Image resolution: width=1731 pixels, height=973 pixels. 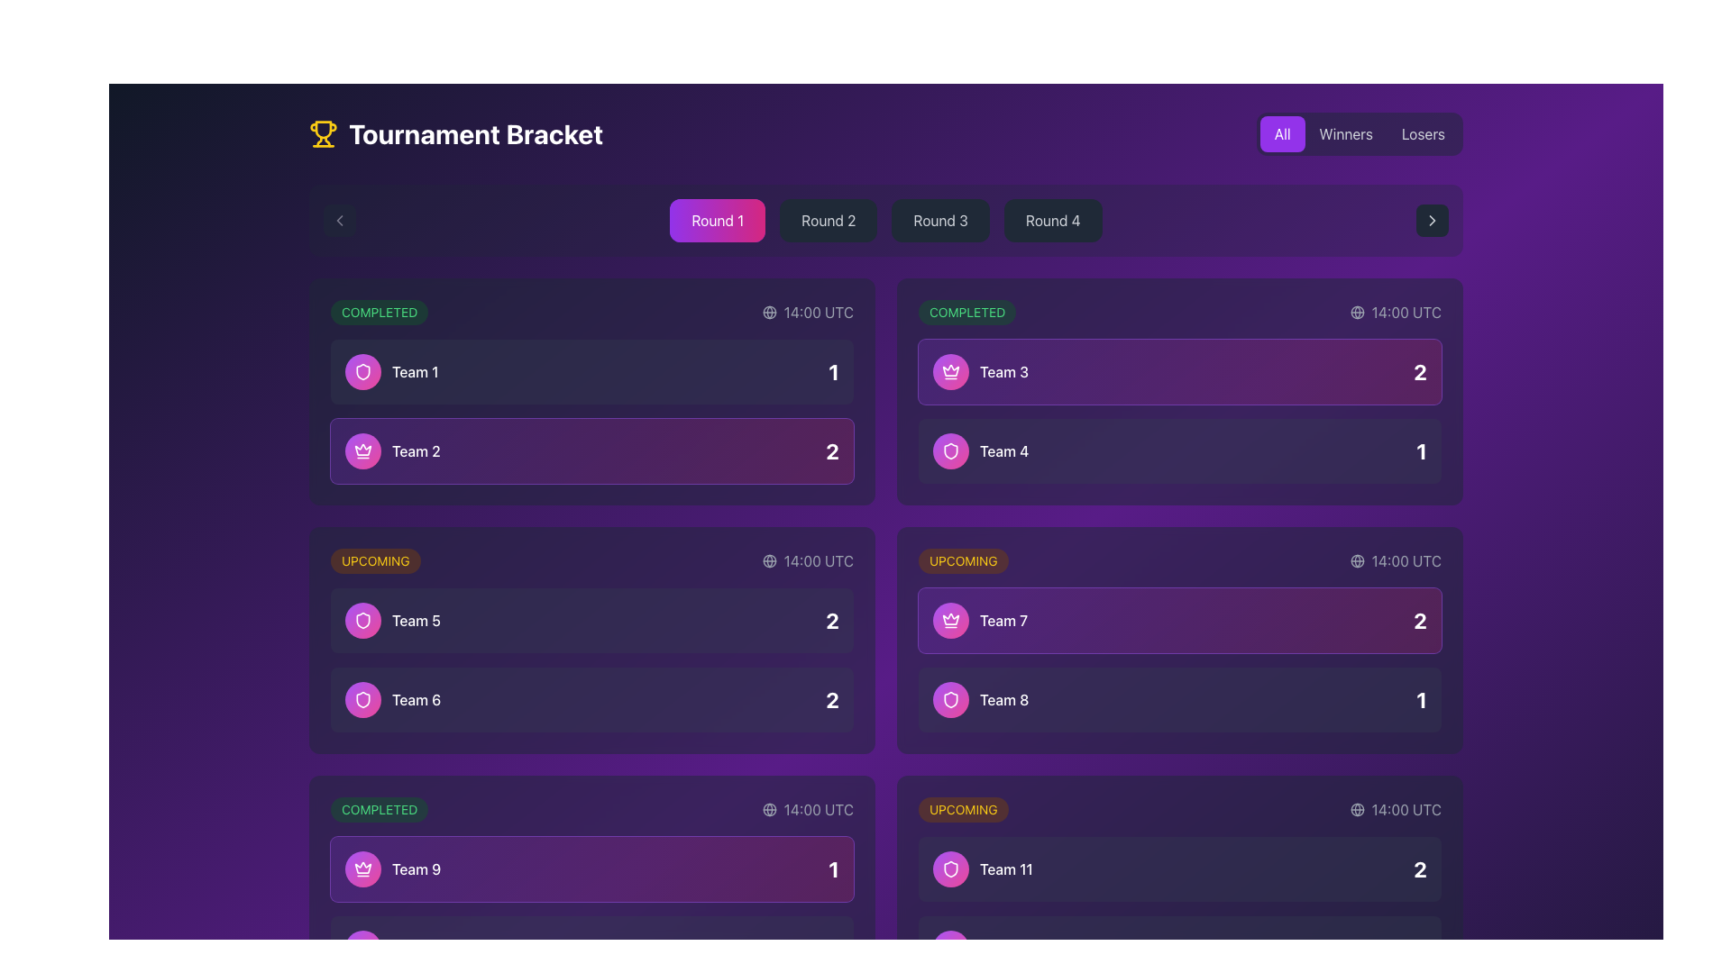 I want to click on the small rounded rectangle button with a dark gray background and a right-pointing chevron arrow icon for keyboard navigation, so click(x=1431, y=220).